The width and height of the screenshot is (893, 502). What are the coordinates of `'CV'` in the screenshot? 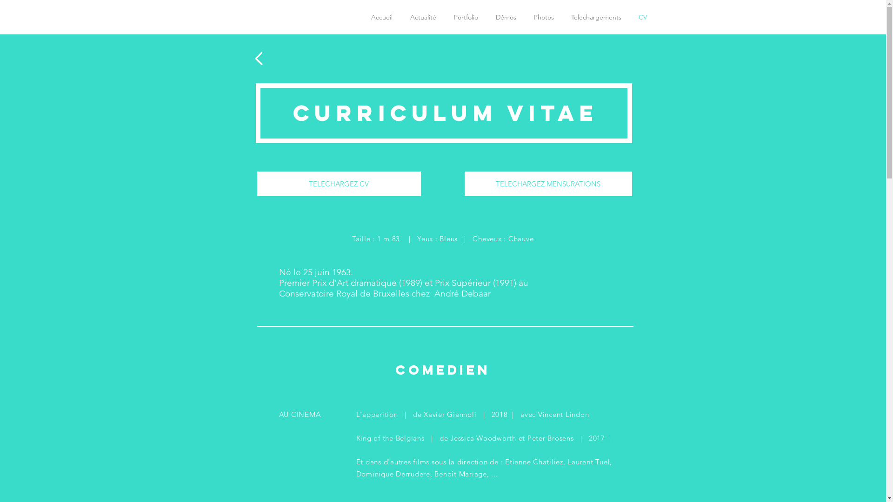 It's located at (642, 17).